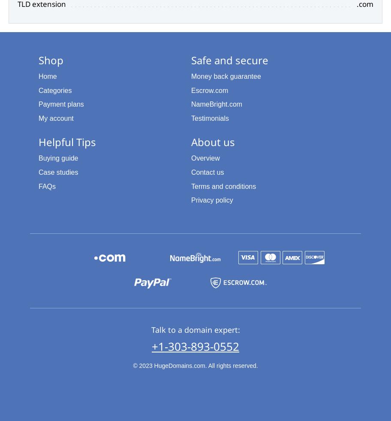  Describe the element at coordinates (190, 171) in the screenshot. I see `'Contact us'` at that location.